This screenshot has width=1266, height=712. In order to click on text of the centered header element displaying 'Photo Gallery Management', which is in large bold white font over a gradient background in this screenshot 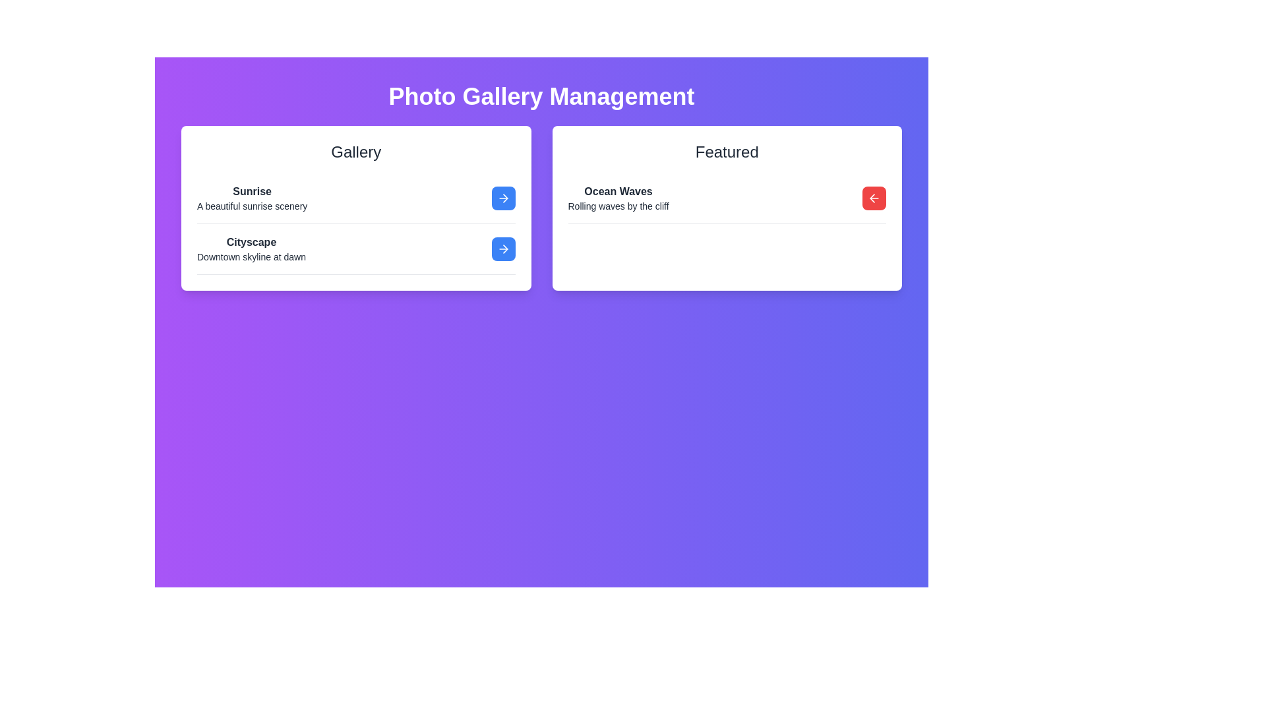, I will do `click(541, 96)`.